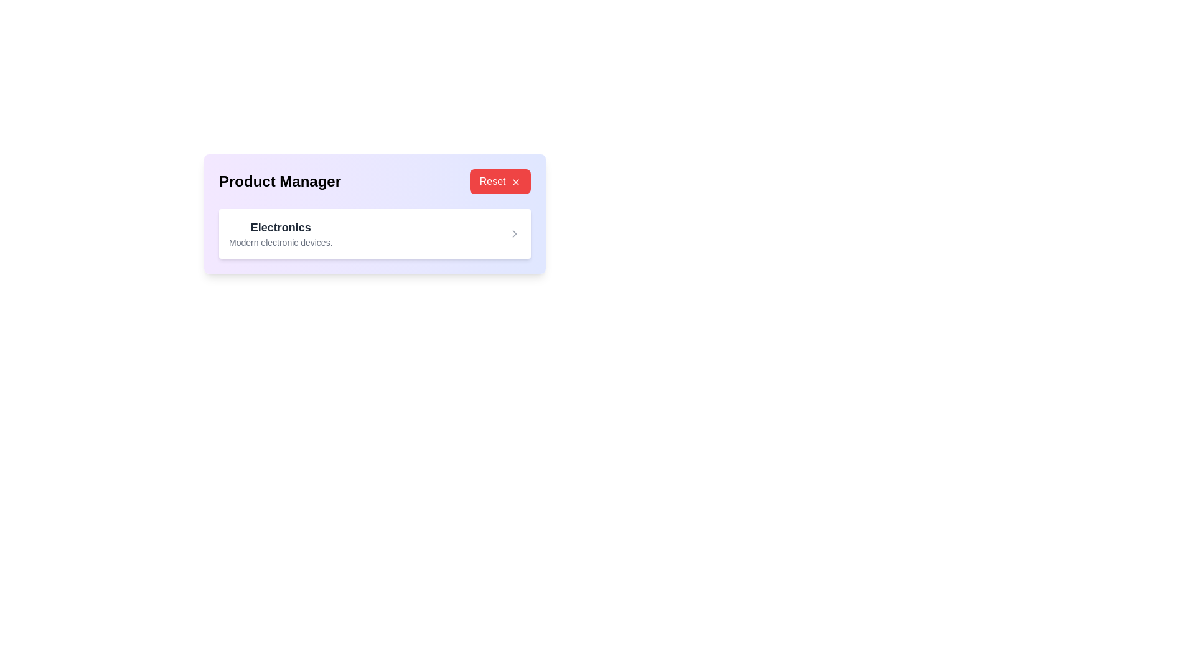 This screenshot has height=672, width=1195. Describe the element at coordinates (516, 182) in the screenshot. I see `the red 'X' icon with white strokes located next to the 'Reset' label in the upper-right corner of the 'Product Manager' card` at that location.